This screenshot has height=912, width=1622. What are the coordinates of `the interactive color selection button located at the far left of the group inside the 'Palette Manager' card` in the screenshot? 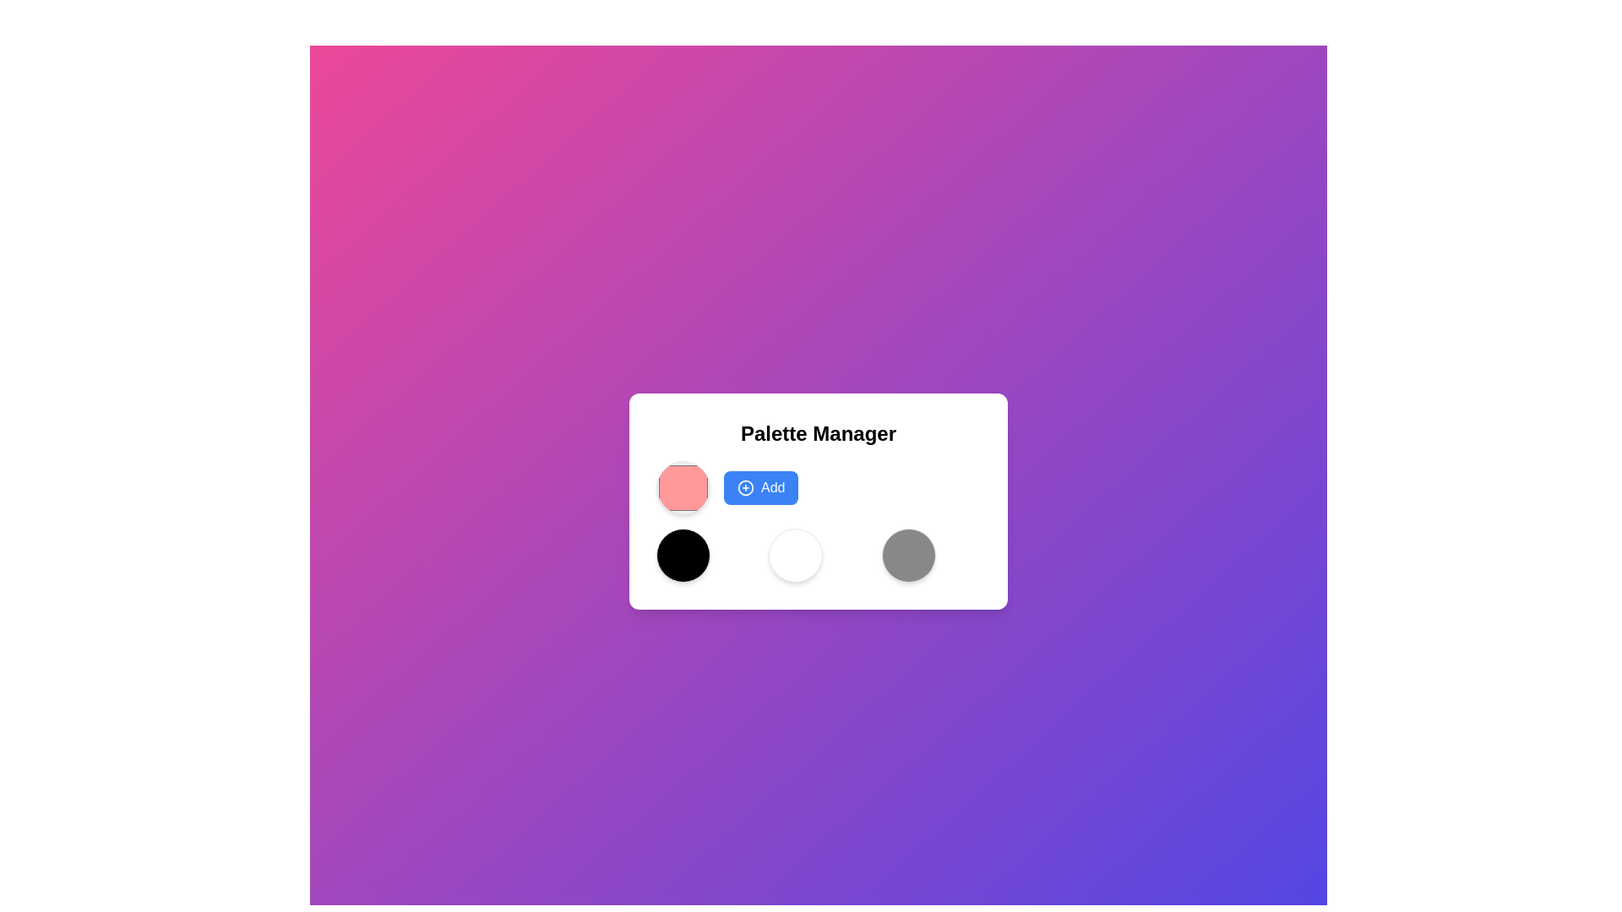 It's located at (683, 488).